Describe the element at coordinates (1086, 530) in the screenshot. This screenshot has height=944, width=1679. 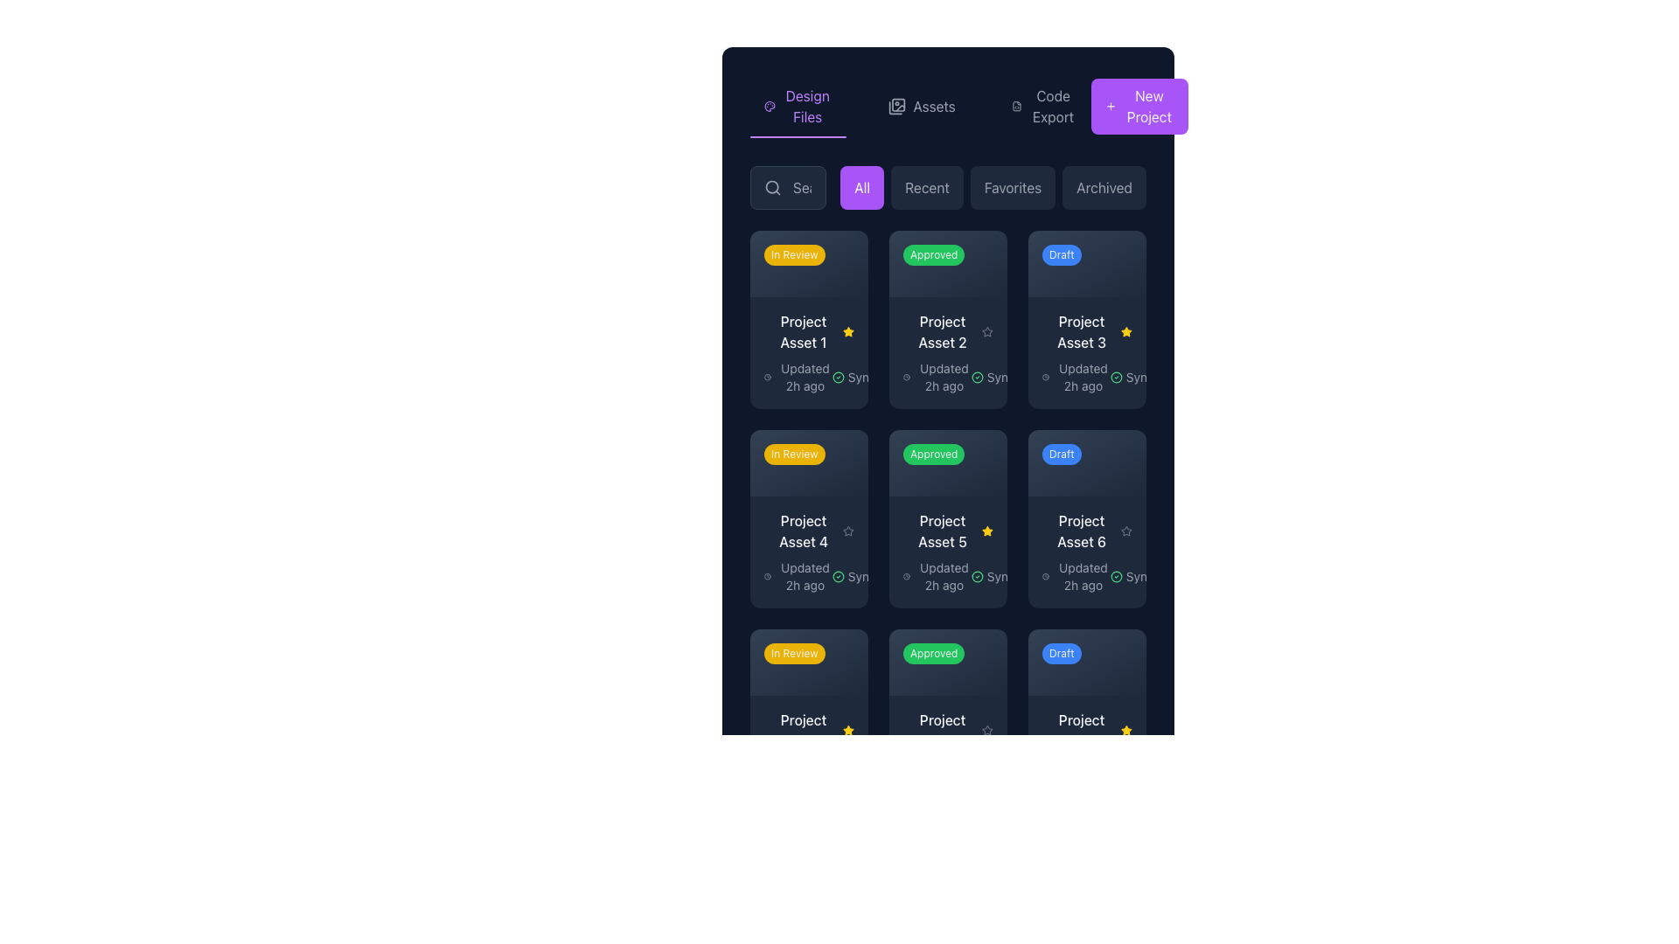
I see `the 'Project Asset 6' label with the gray star icon from its current position within the interface` at that location.